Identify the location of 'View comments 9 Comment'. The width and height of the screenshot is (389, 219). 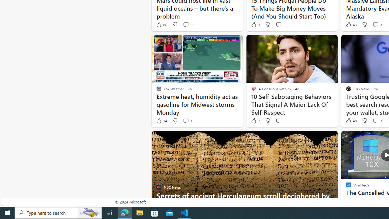
(187, 24).